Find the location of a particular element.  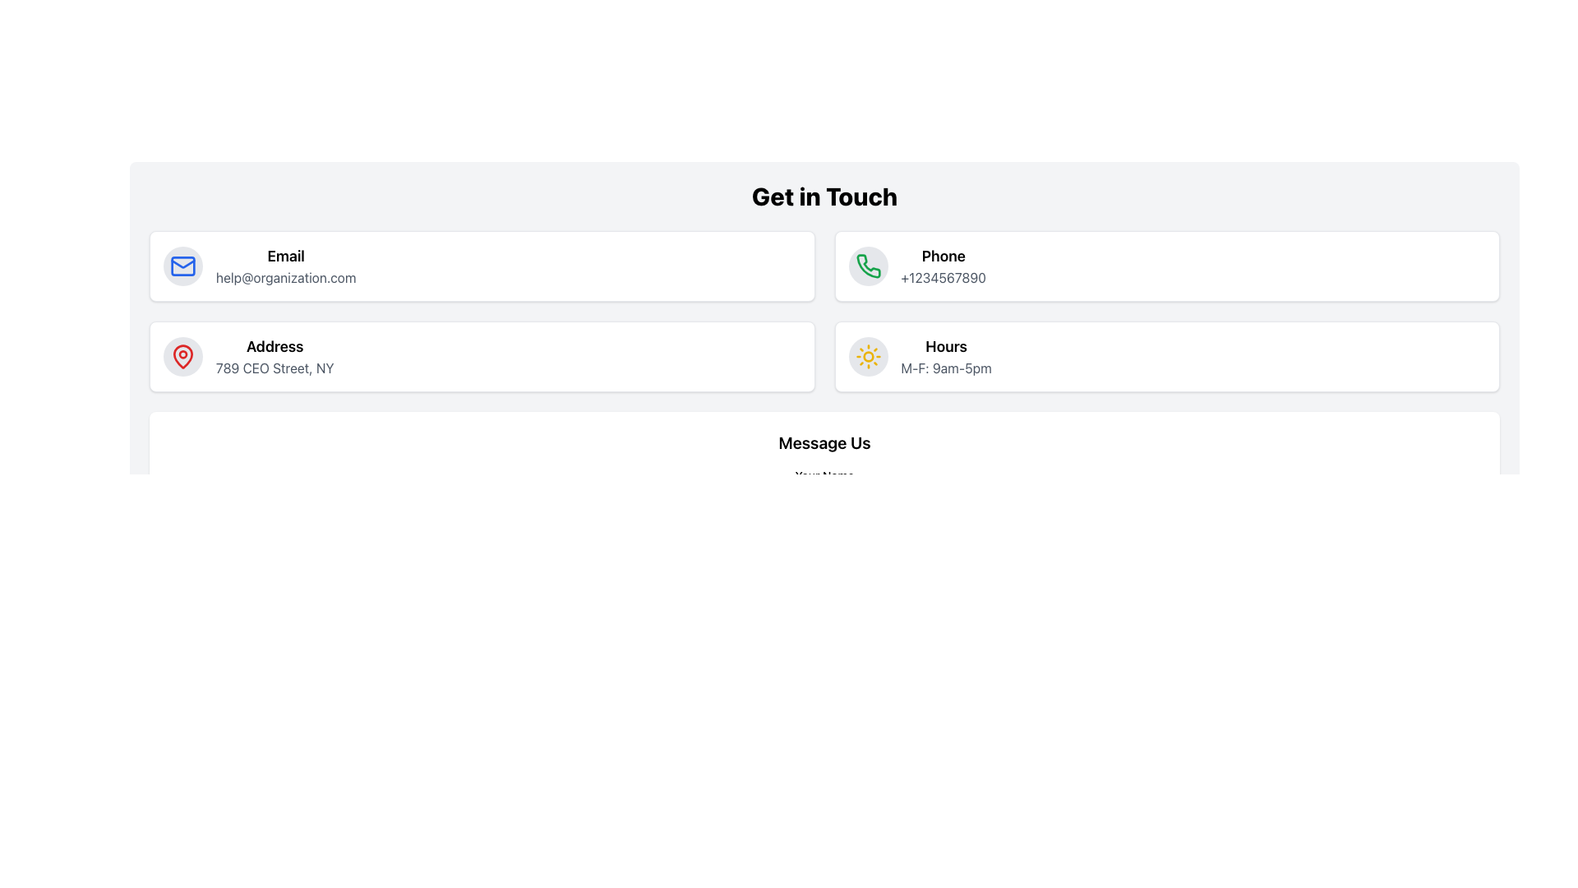

the circular icon button with a light gray background and a blue mail envelope symbol located in the upper-left corner of the first informational card in the 'Get in Touch' section, adjacent to the text 'Email' and 'help@organization.com' is located at coordinates (182, 266).